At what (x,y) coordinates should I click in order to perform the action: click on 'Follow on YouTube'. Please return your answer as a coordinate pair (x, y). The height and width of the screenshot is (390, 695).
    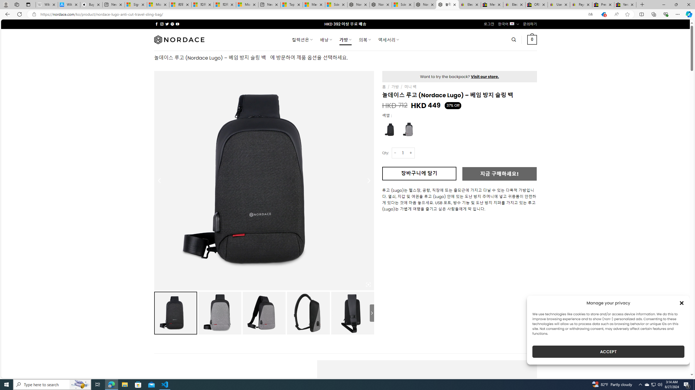
    Looking at the image, I should click on (177, 24).